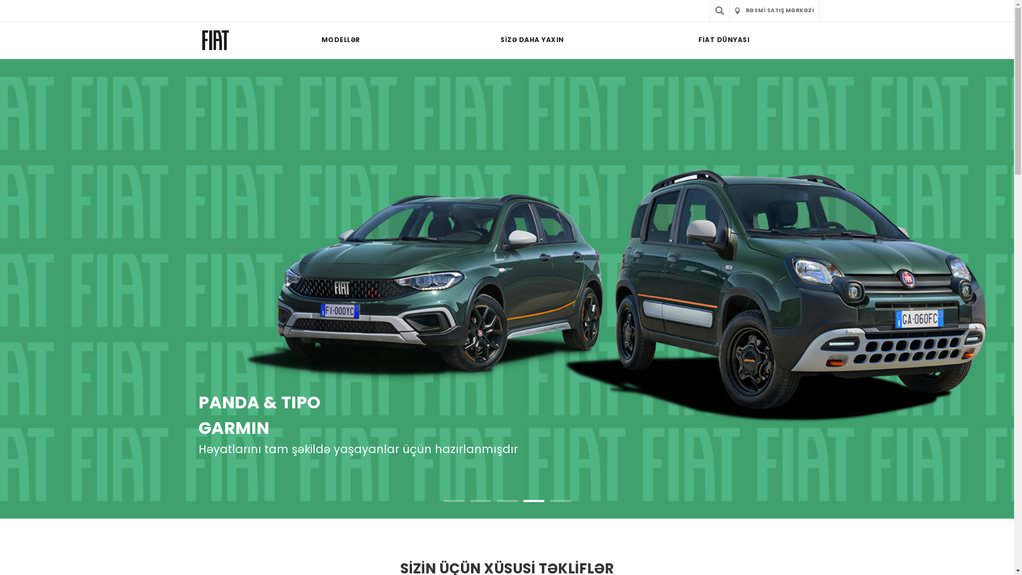 The width and height of the screenshot is (1022, 575). What do you see at coordinates (453, 502) in the screenshot?
I see `'1'` at bounding box center [453, 502].